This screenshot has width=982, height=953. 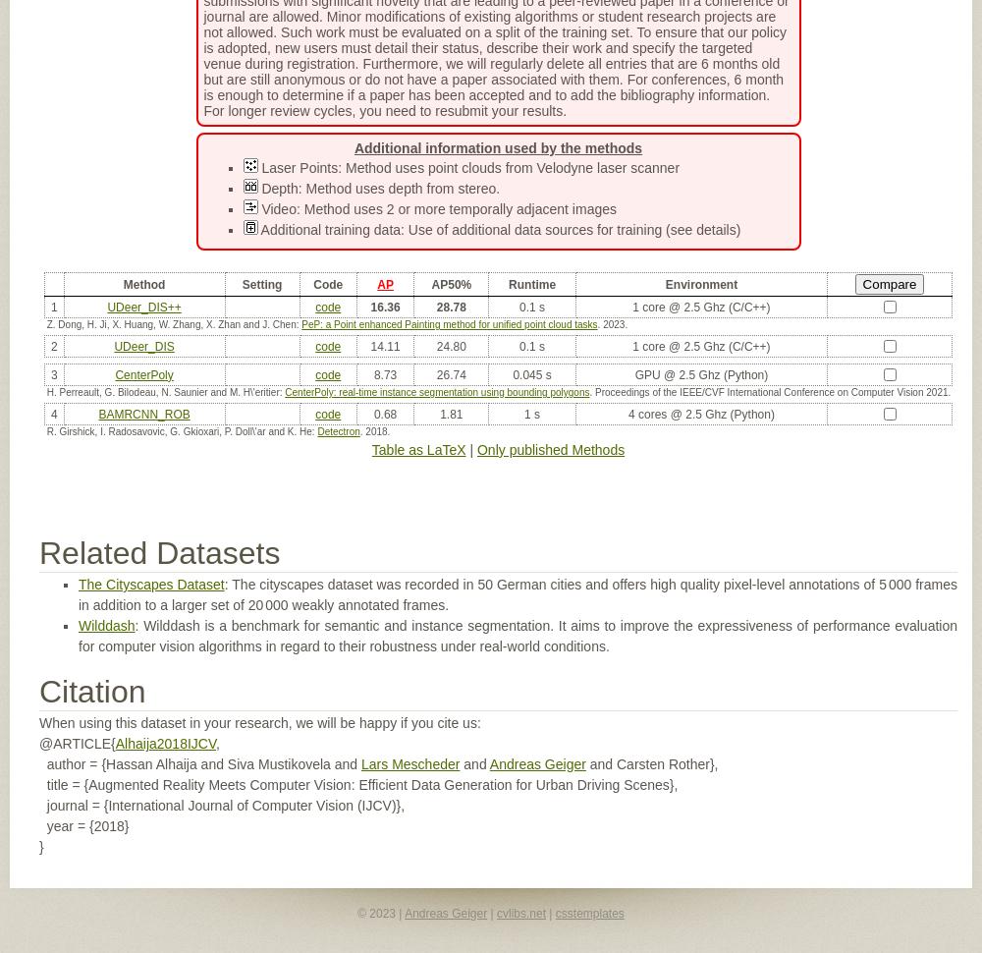 I want to click on '8.73', so click(x=385, y=373).